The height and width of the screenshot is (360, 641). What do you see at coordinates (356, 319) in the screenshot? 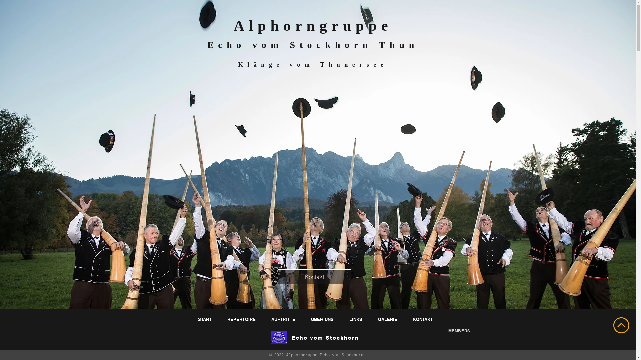
I see `'LINKS'` at bounding box center [356, 319].